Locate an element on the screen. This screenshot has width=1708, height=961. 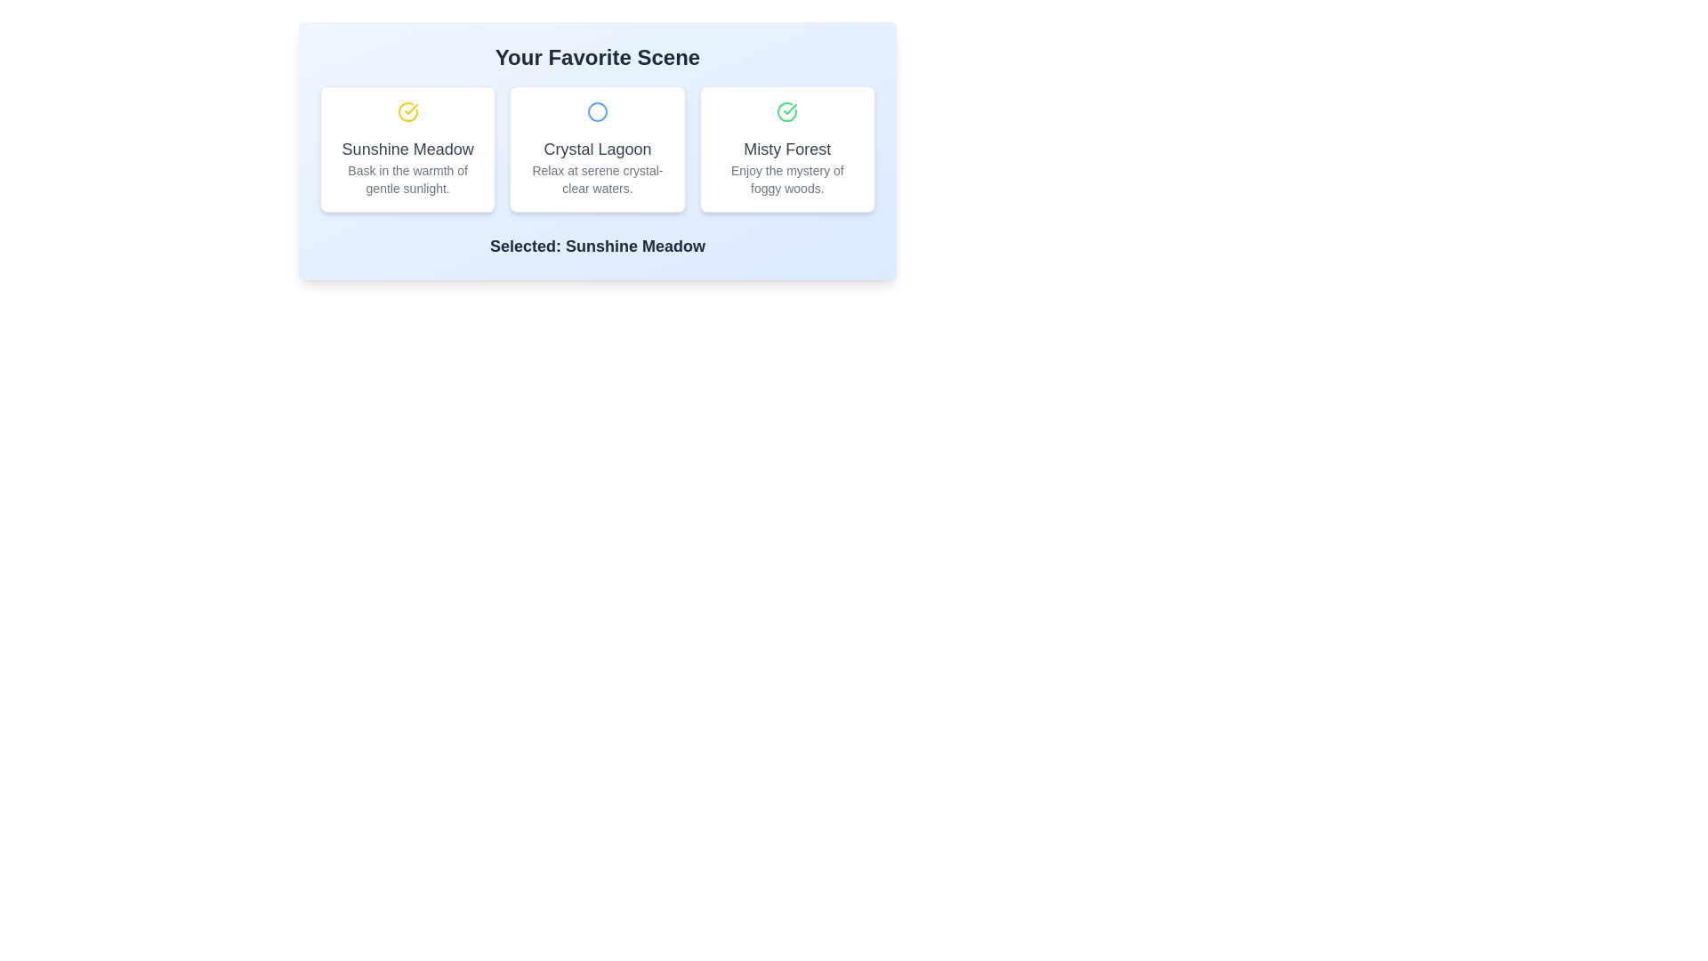
the information label indicating the currently selected scene, which is located below the three selectable scene cards and aligned with the title 'Your Favorite Scene' is located at coordinates (598, 246).